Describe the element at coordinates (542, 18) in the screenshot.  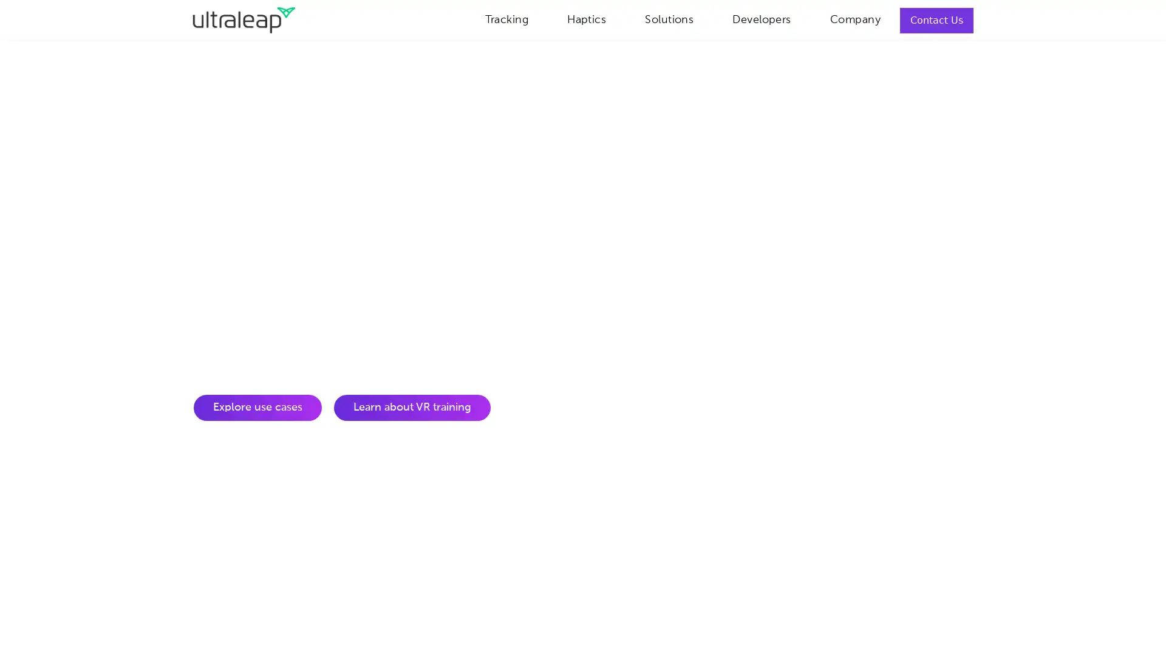
I see `Toggle submenu` at that location.